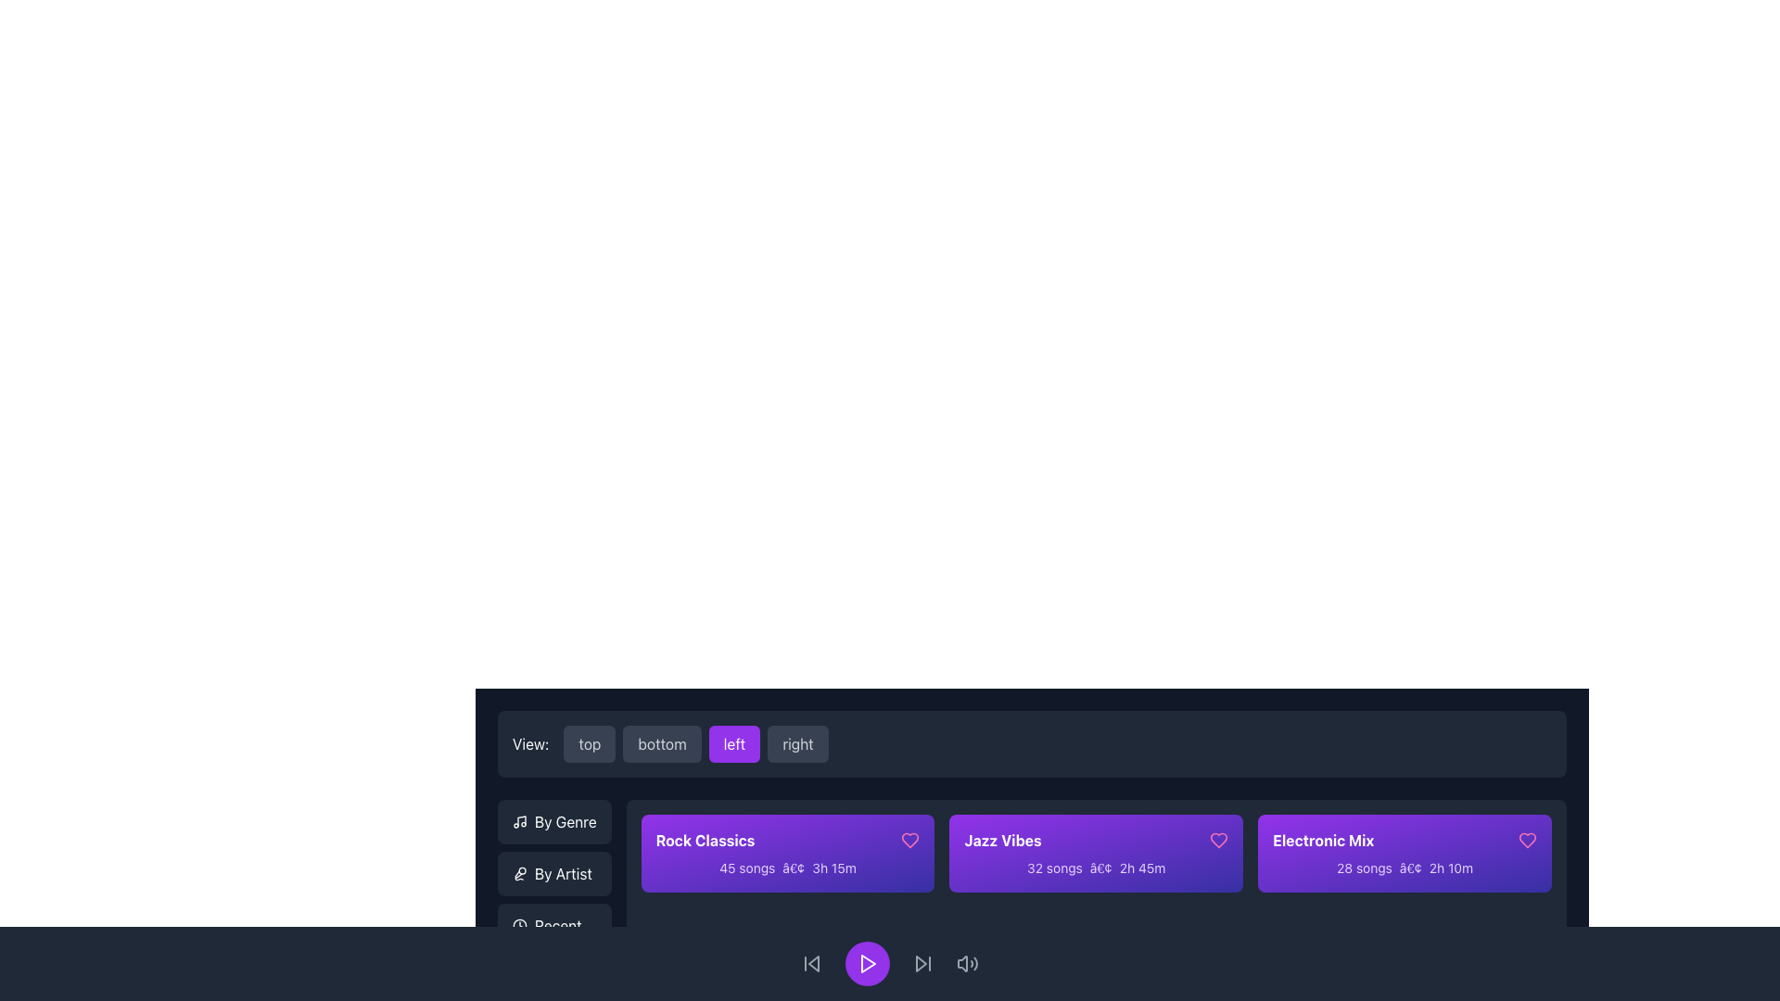 The height and width of the screenshot is (1001, 1780). What do you see at coordinates (814, 963) in the screenshot?
I see `the left navigation arrow icon, which is a triangular shape pointing to the left within the media control bar` at bounding box center [814, 963].